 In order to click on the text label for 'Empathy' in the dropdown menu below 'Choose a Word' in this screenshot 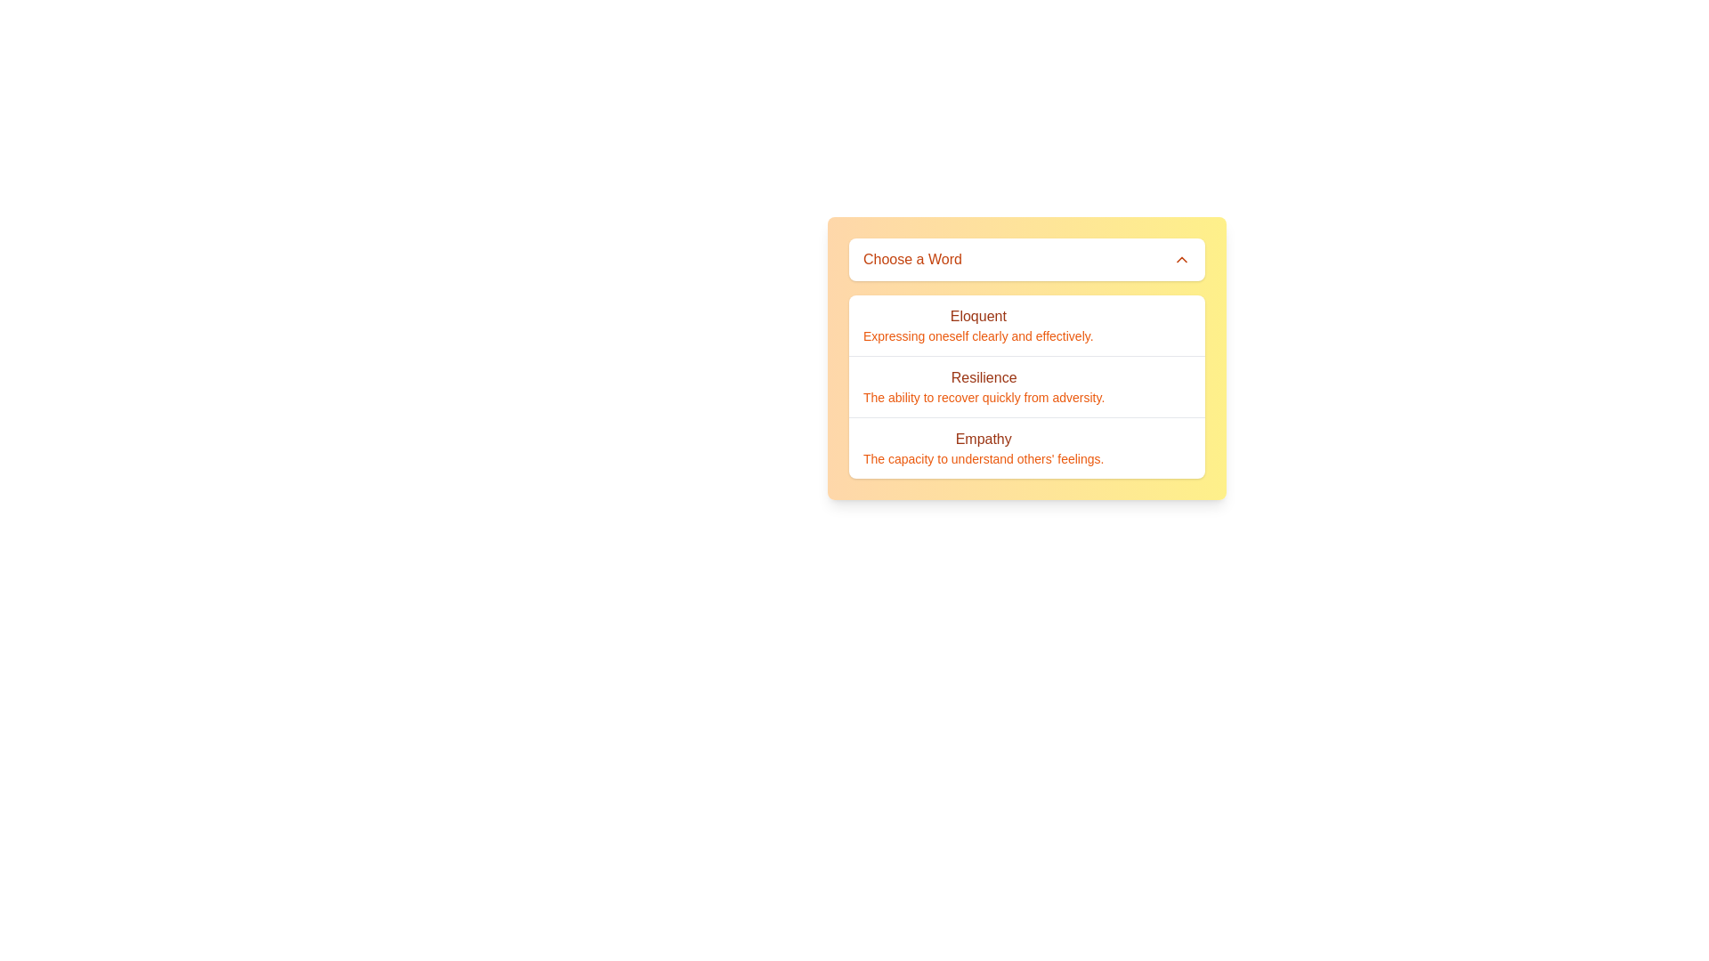, I will do `click(983, 439)`.